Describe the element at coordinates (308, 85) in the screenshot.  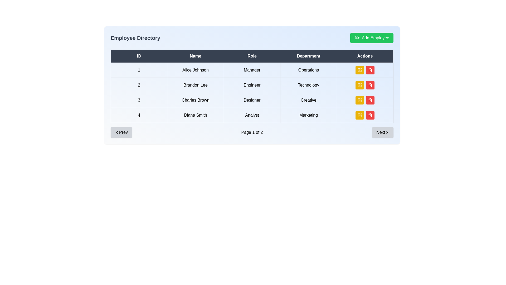
I see `the 'Technology' label in the Department column of the second row in the Employee Directory table` at that location.